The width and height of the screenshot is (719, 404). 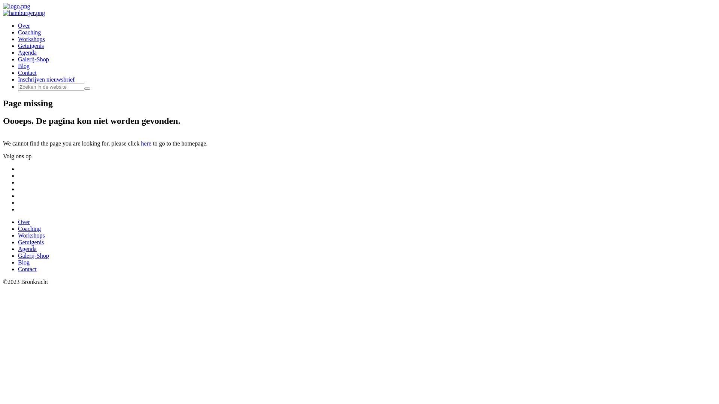 I want to click on 'Agenda', so click(x=27, y=249).